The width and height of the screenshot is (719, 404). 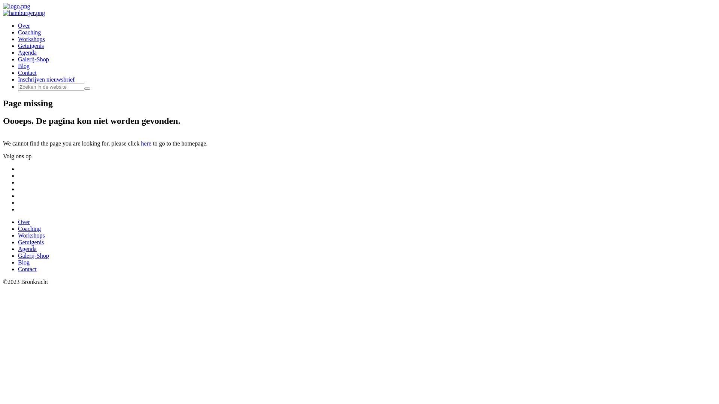 I want to click on 'Agenda', so click(x=27, y=249).